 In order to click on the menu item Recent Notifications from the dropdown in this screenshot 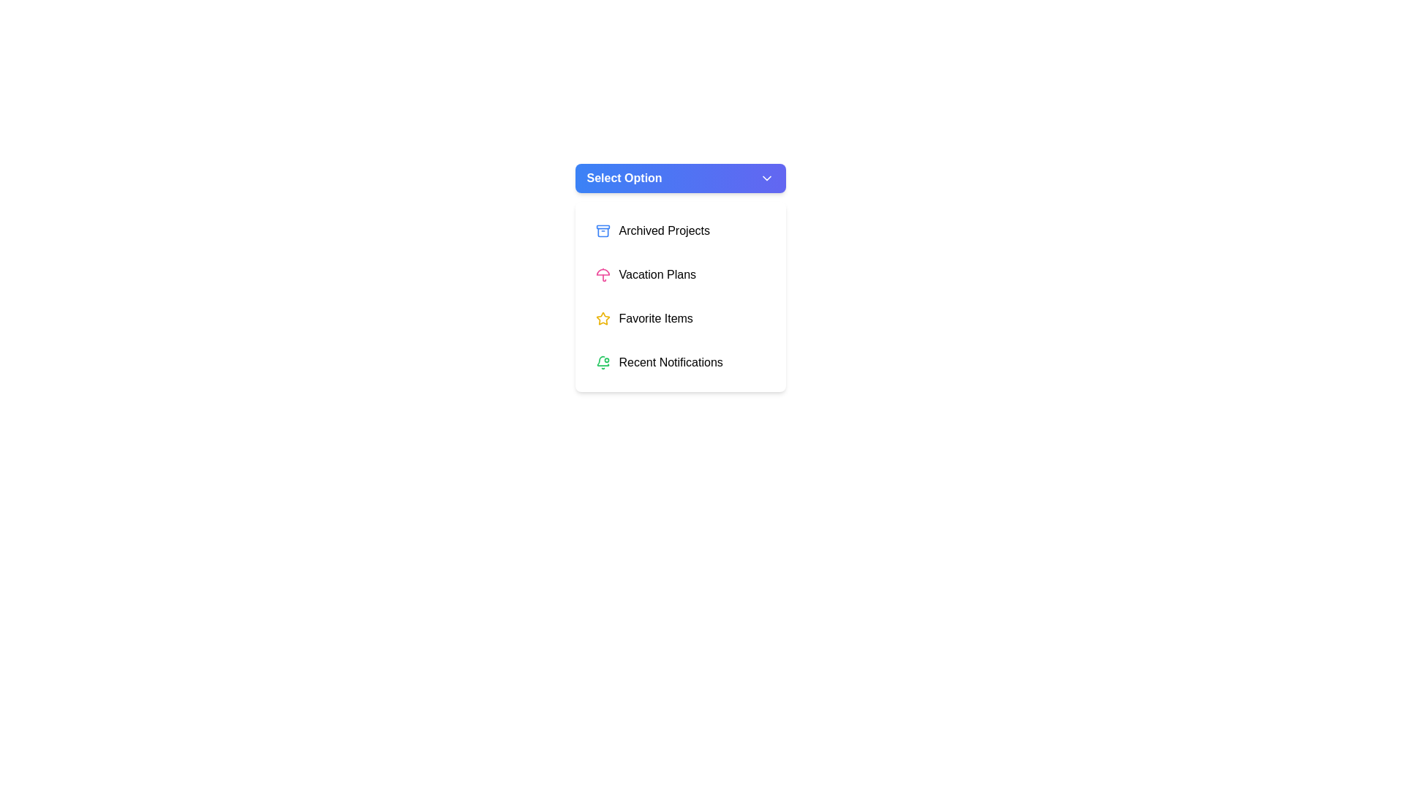, I will do `click(679, 362)`.